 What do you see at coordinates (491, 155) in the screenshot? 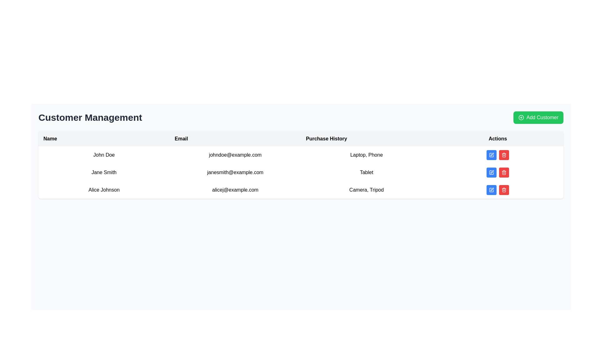
I see `the blue square-shaped edit icon with a white outline of a pen, located in the 'Actions' column on the first row aligned with user 'John Doe'` at bounding box center [491, 155].